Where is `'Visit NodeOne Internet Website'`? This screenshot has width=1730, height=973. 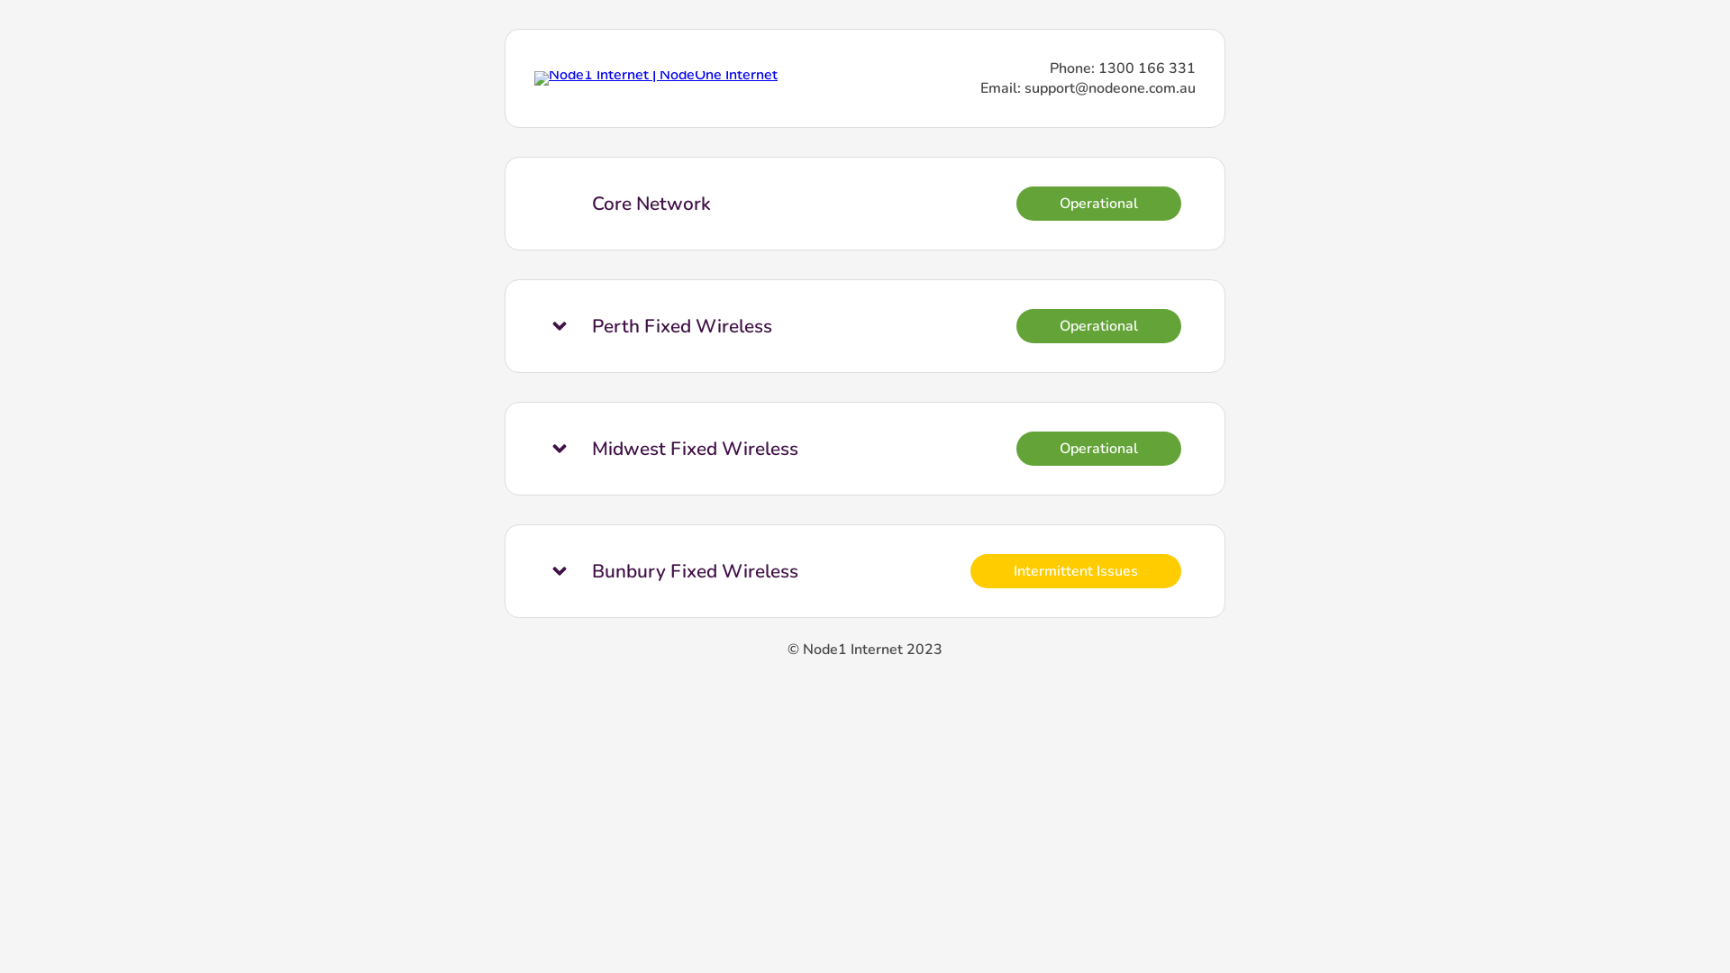 'Visit NodeOne Internet Website' is located at coordinates (655, 74).